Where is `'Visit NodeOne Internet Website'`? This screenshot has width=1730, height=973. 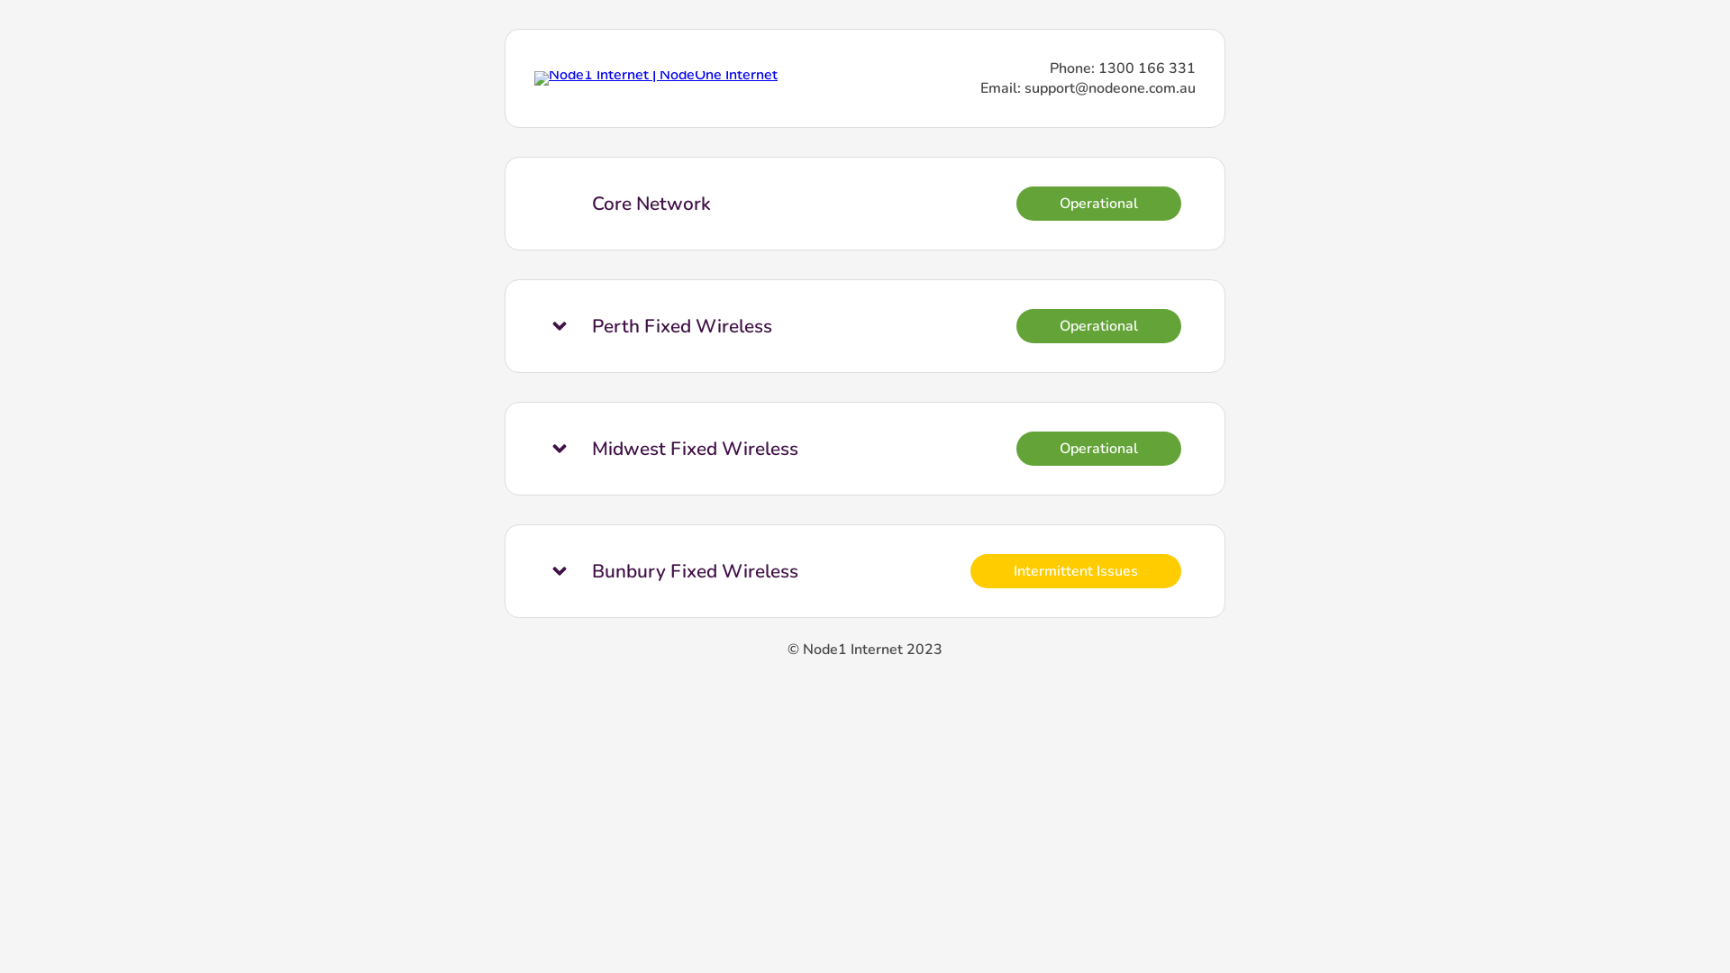 'Visit NodeOne Internet Website' is located at coordinates (655, 74).